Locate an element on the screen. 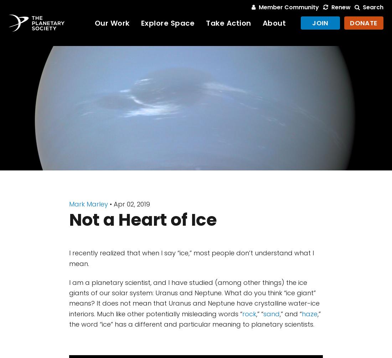  'sand' is located at coordinates (271, 313).